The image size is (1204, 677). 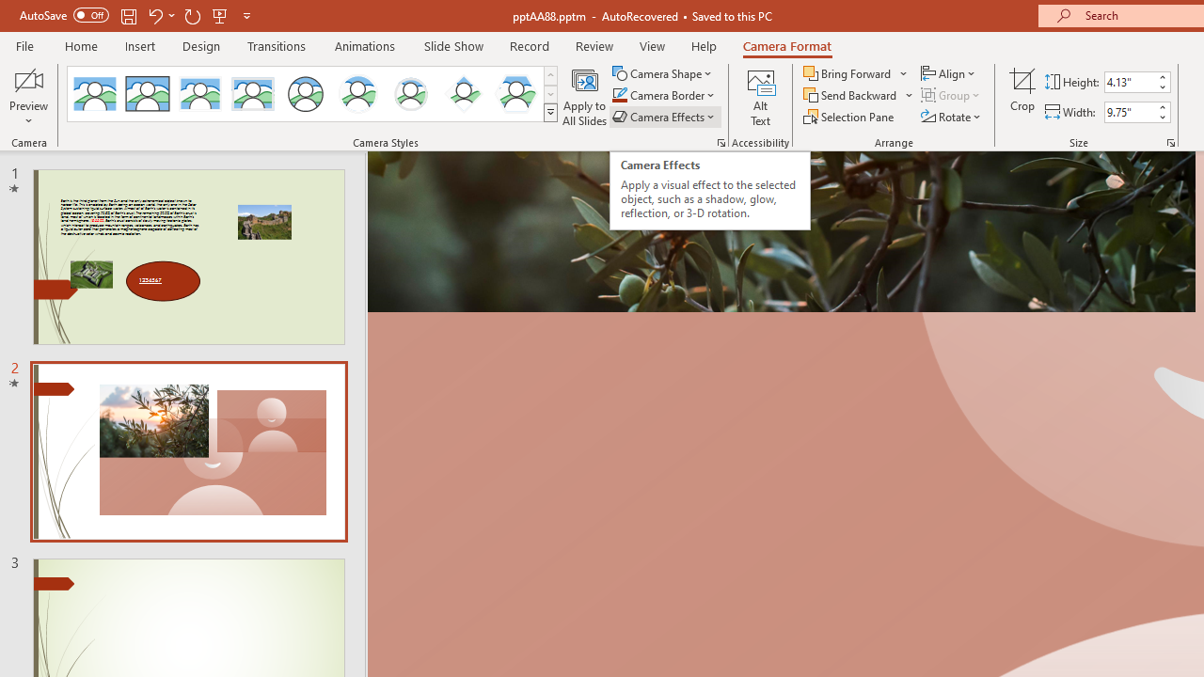 What do you see at coordinates (410, 94) in the screenshot?
I see `'Soft Edge Circle'` at bounding box center [410, 94].